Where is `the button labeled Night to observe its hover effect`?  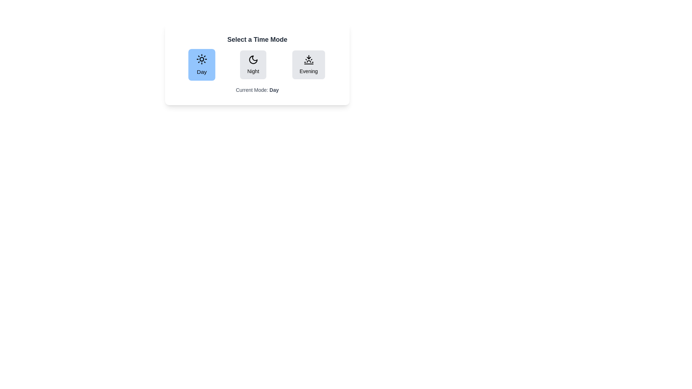
the button labeled Night to observe its hover effect is located at coordinates (253, 65).